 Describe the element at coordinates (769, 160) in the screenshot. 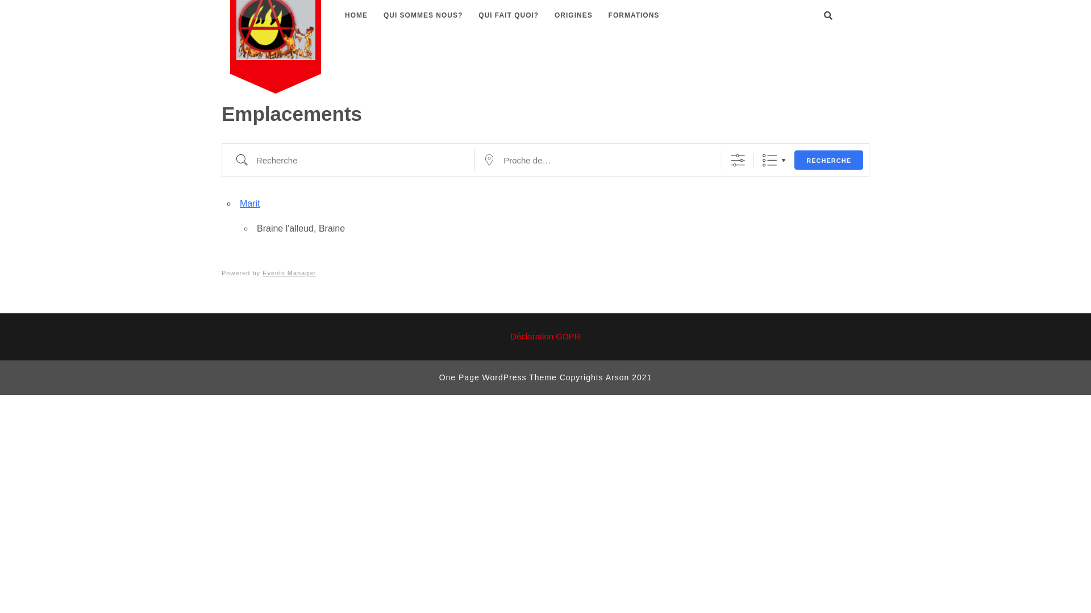

I see `'Liste'` at that location.